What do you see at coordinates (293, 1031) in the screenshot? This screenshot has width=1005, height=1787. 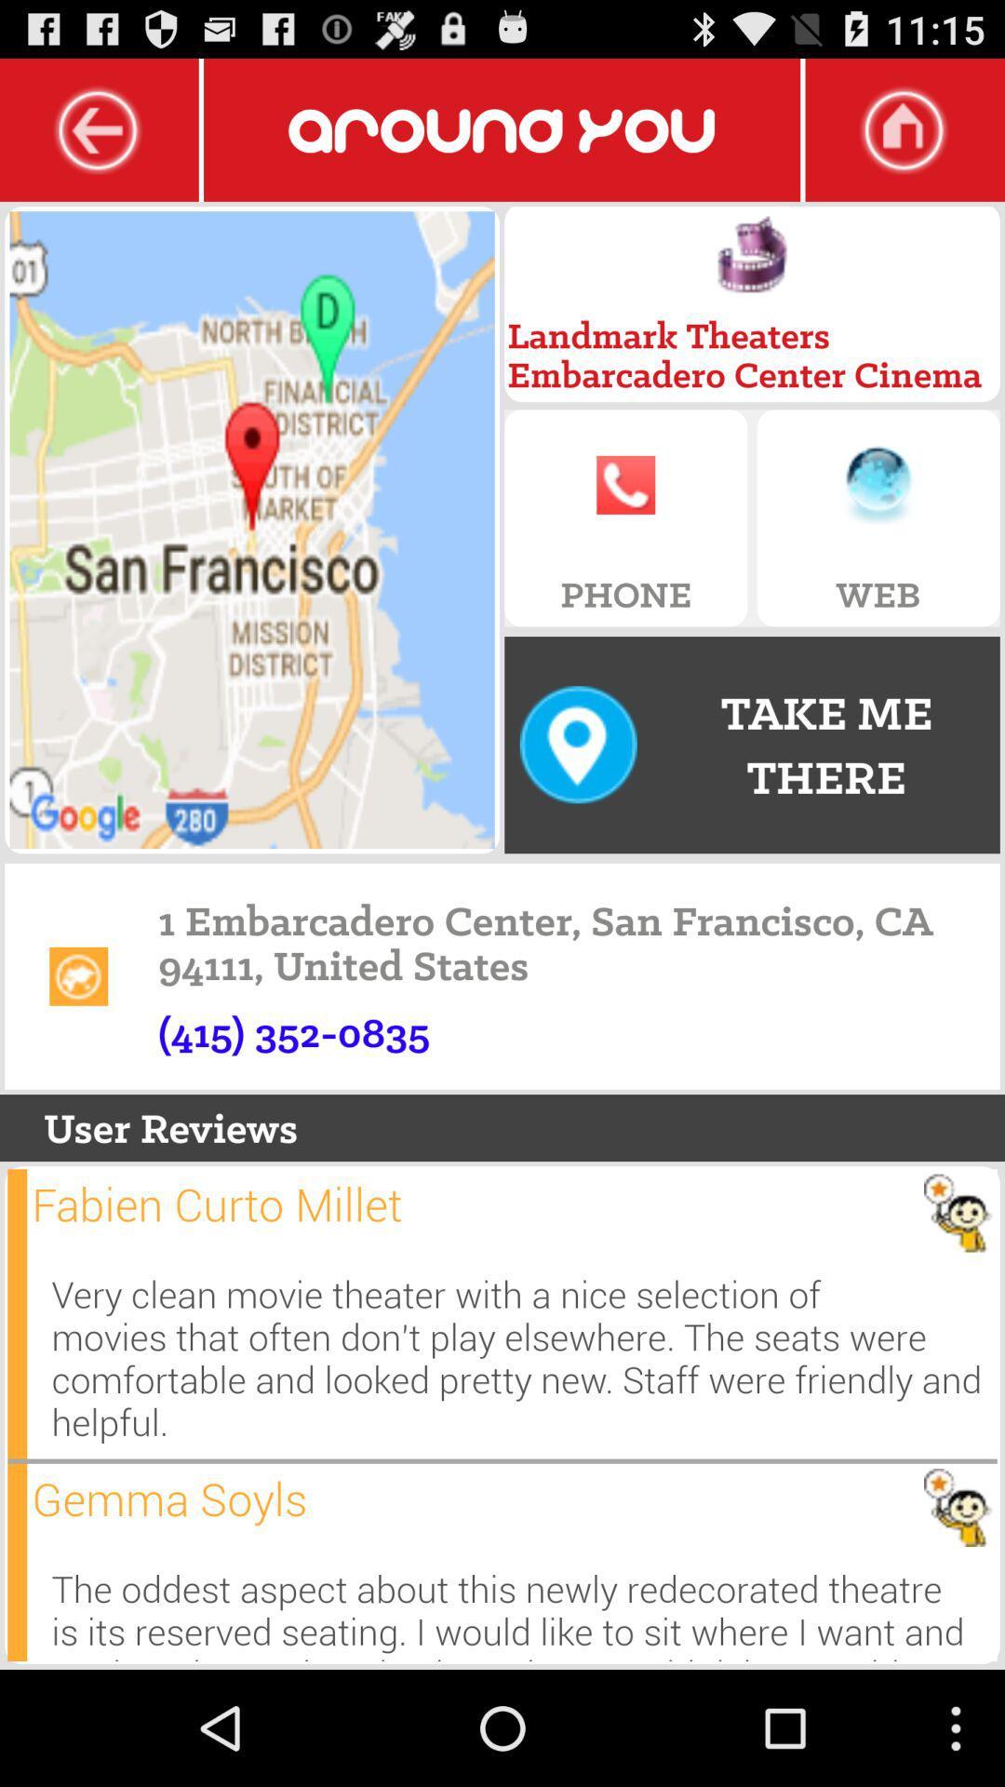 I see `the app below 1 embarcadero center icon` at bounding box center [293, 1031].